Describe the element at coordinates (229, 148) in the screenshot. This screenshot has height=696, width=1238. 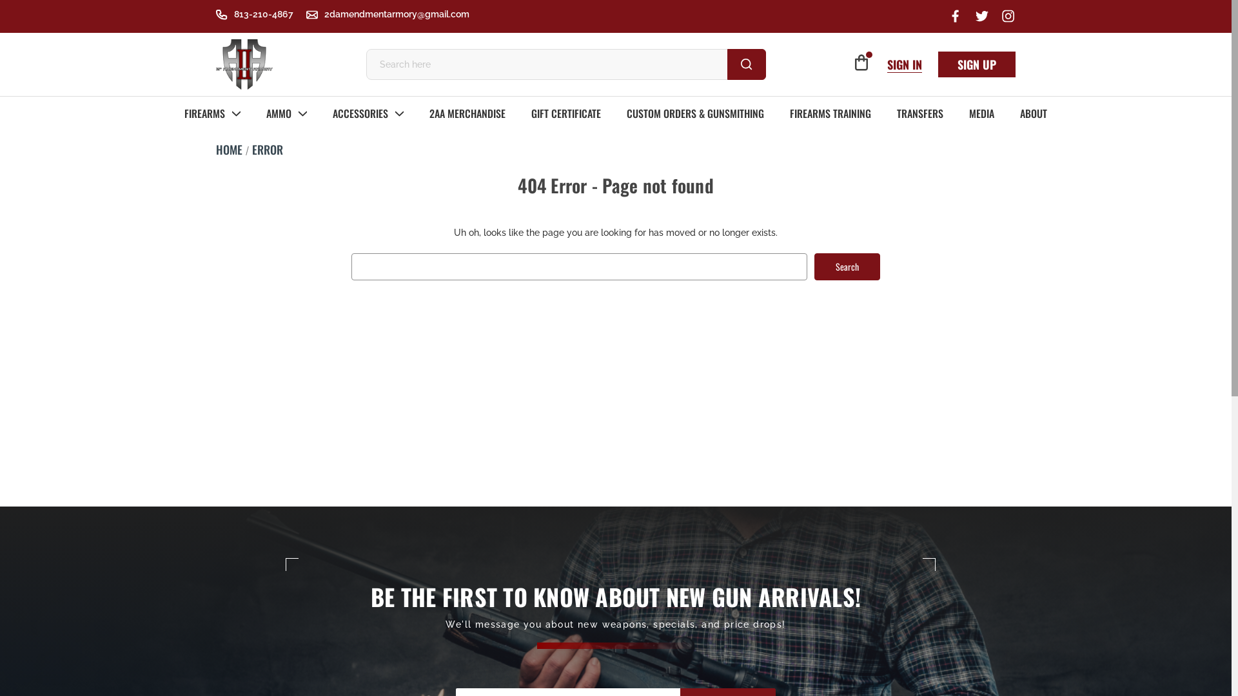
I see `'HOME'` at that location.